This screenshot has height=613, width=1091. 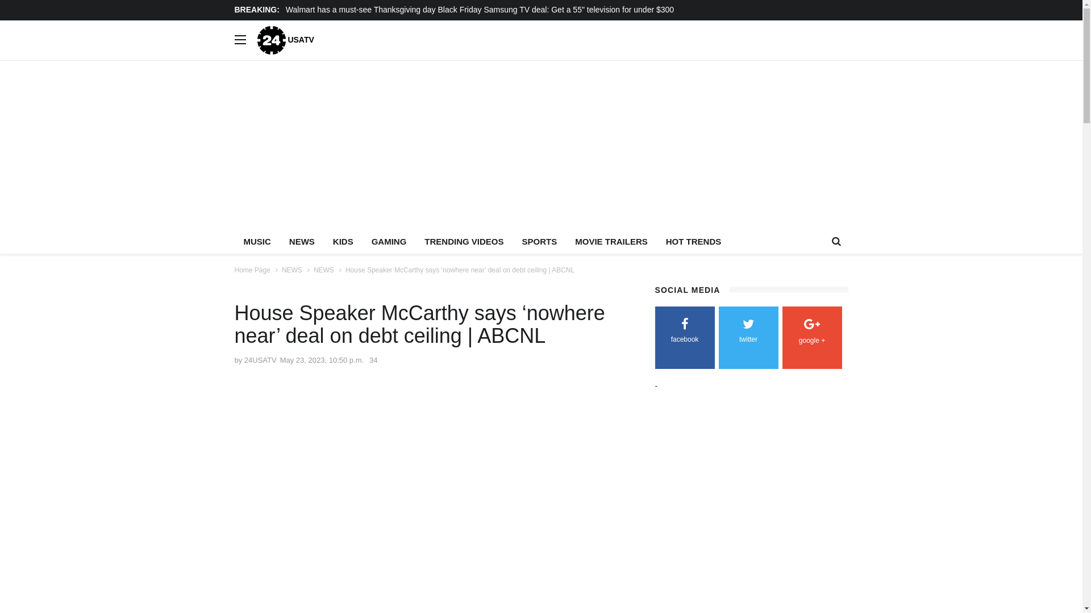 What do you see at coordinates (464, 241) in the screenshot?
I see `'TRENDING VIDEOS'` at bounding box center [464, 241].